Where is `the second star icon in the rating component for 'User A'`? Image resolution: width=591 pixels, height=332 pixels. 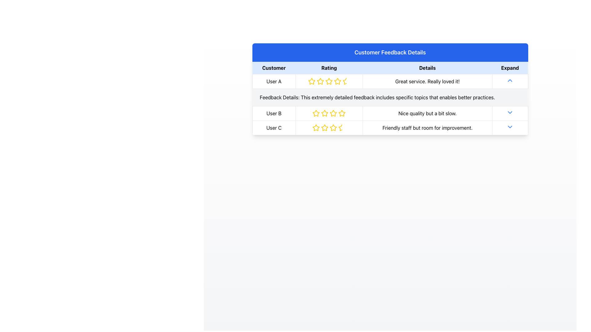 the second star icon in the rating component for 'User A' is located at coordinates (329, 81).